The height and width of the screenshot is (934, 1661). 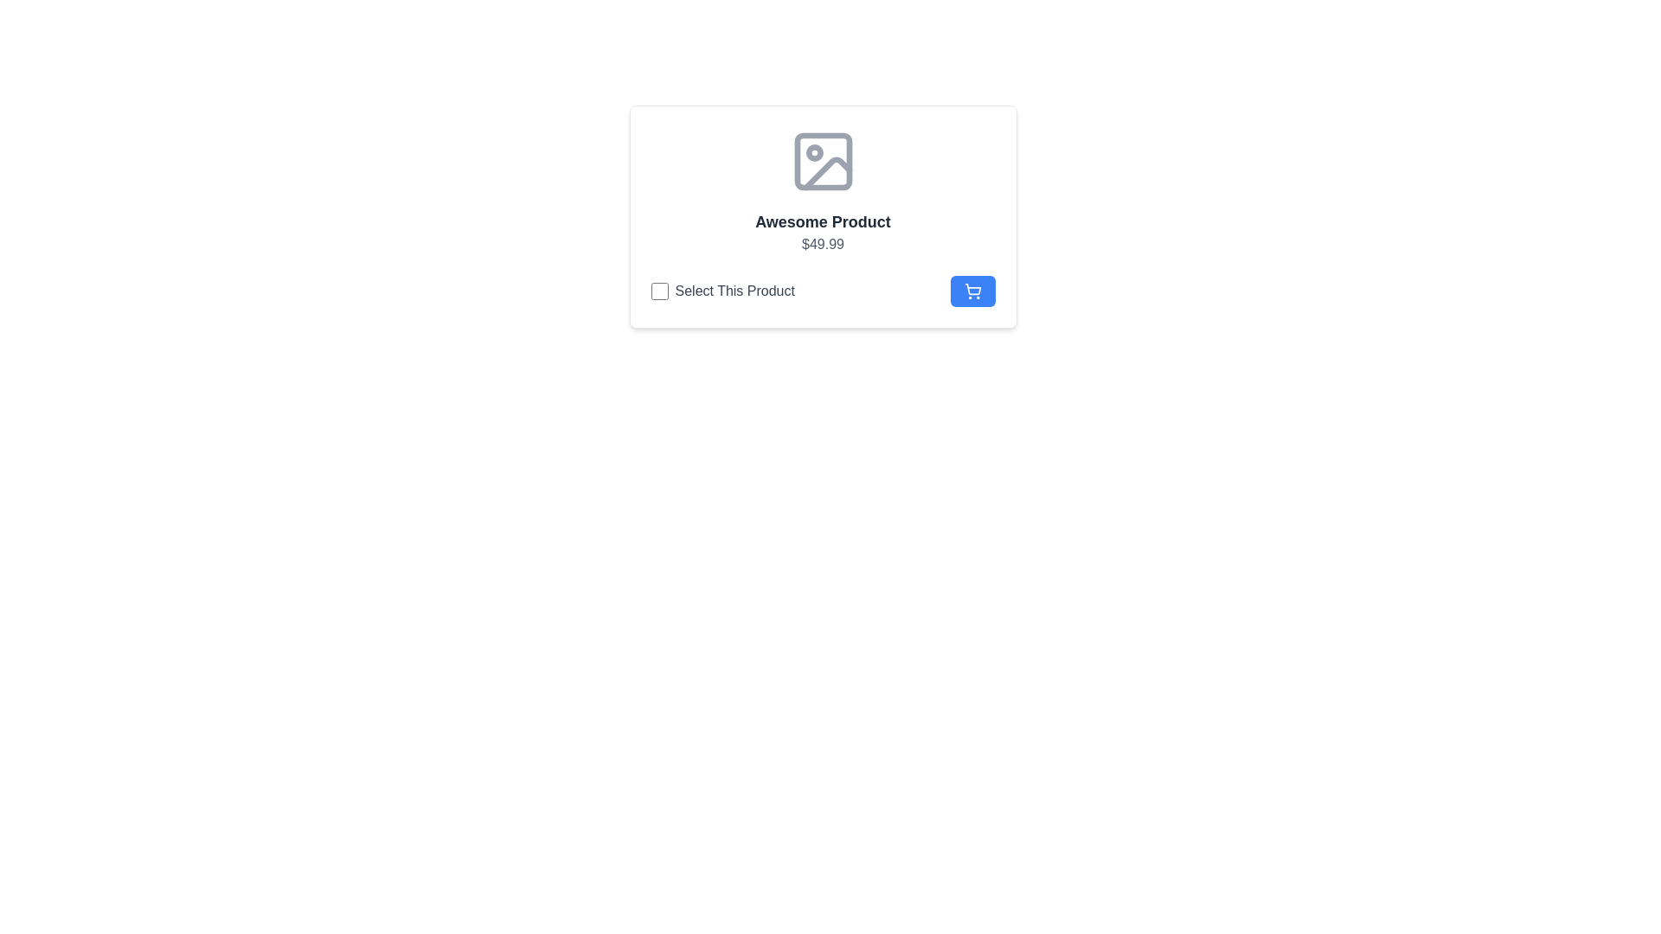 What do you see at coordinates (822, 161) in the screenshot?
I see `the decorative SVG shape that is centrally located within the image icon above the title 'Awesome Product'` at bounding box center [822, 161].